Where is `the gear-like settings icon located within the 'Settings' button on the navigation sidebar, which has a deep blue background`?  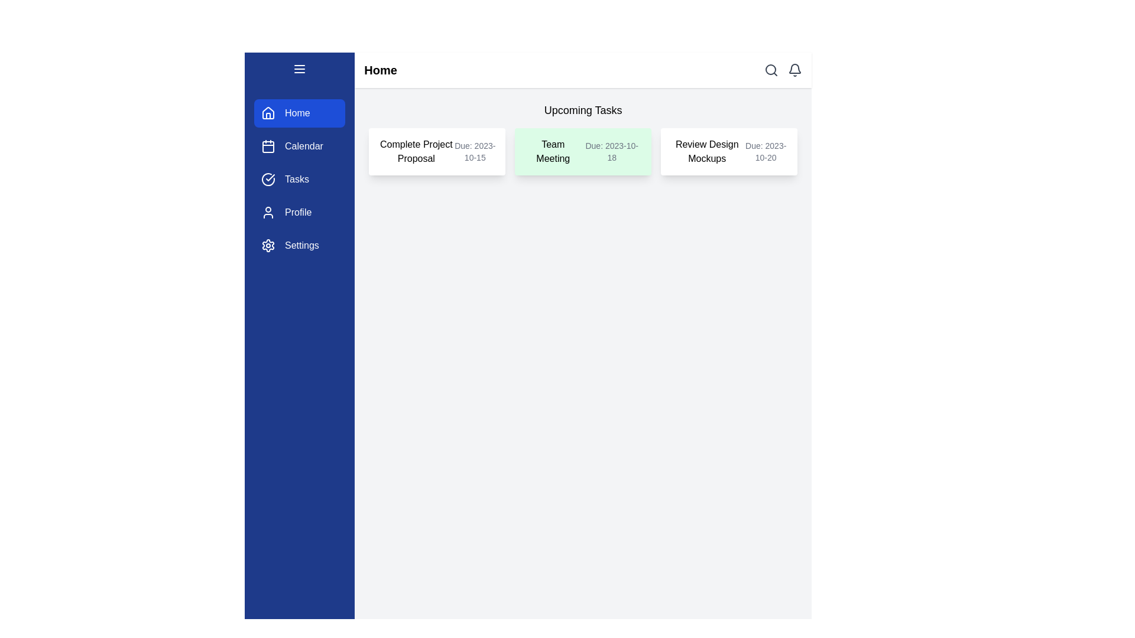 the gear-like settings icon located within the 'Settings' button on the navigation sidebar, which has a deep blue background is located at coordinates (268, 245).